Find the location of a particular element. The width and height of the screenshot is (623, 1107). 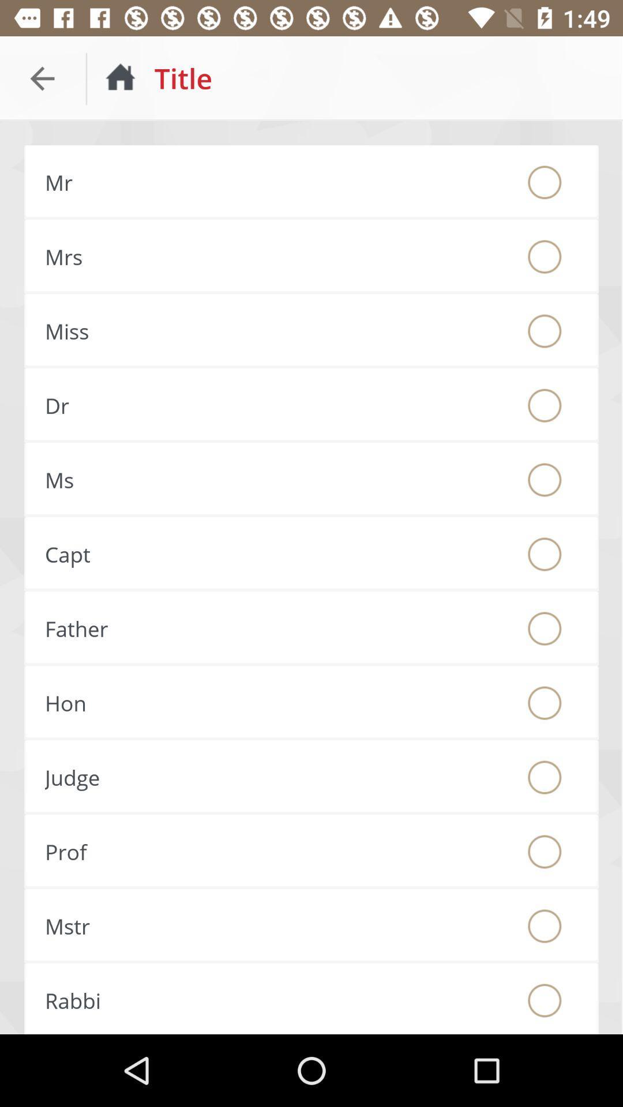

dr. title is located at coordinates (545, 405).